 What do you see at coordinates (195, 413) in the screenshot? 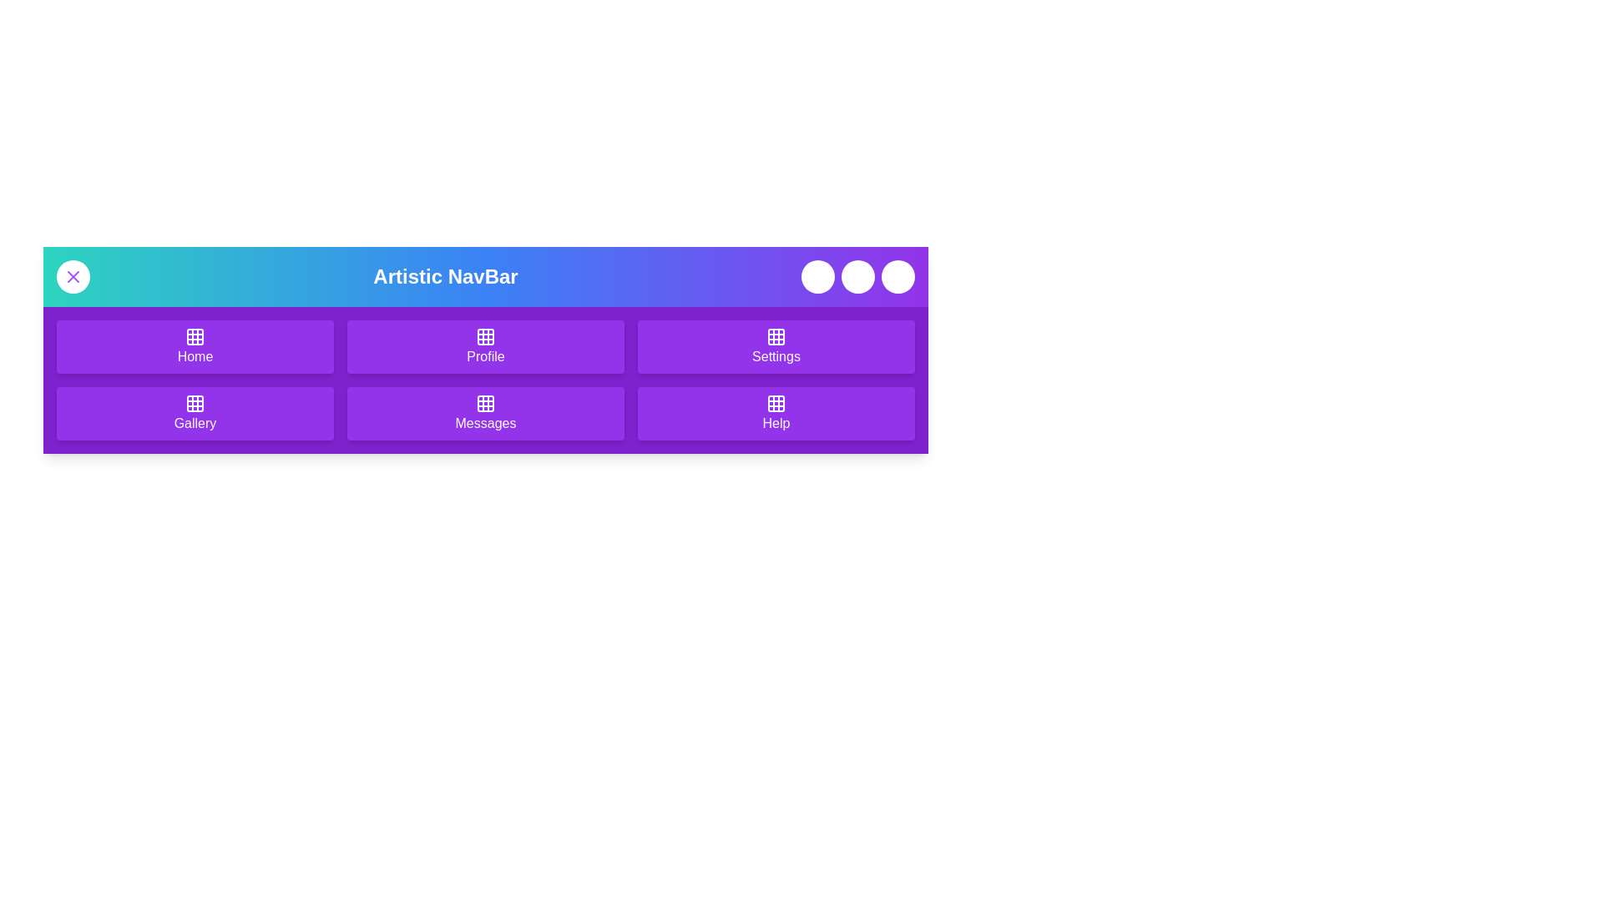
I see `the navigation item labeled Gallery` at bounding box center [195, 413].